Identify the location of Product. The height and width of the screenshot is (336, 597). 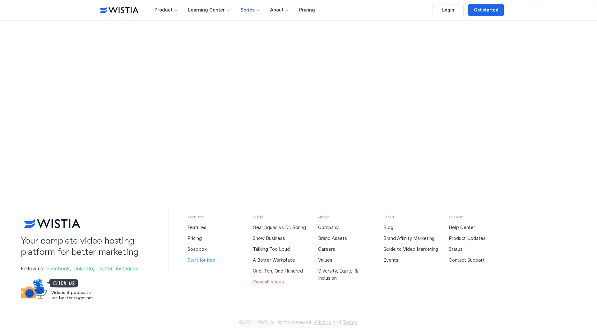
(165, 10).